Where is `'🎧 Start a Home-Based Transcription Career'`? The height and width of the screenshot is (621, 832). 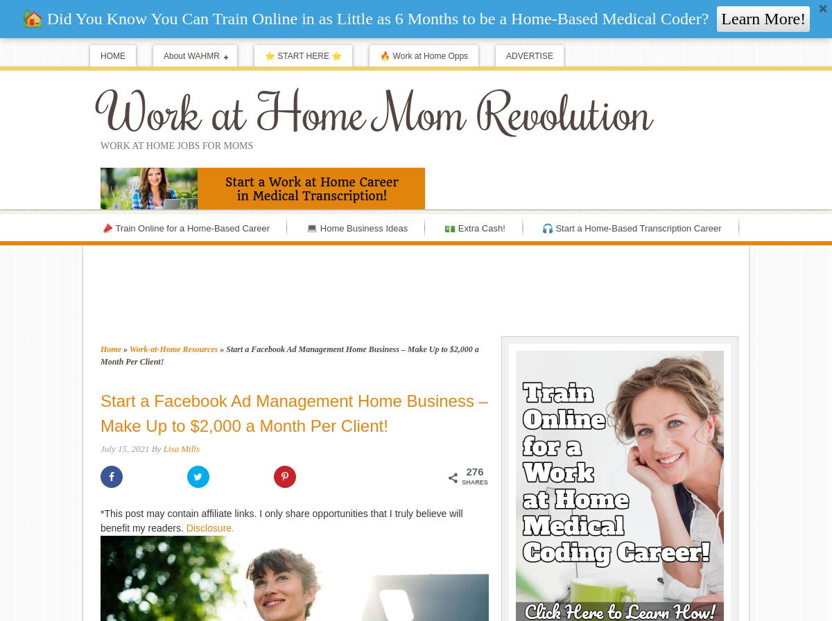
'🎧 Start a Home-Based Transcription Career' is located at coordinates (631, 228).